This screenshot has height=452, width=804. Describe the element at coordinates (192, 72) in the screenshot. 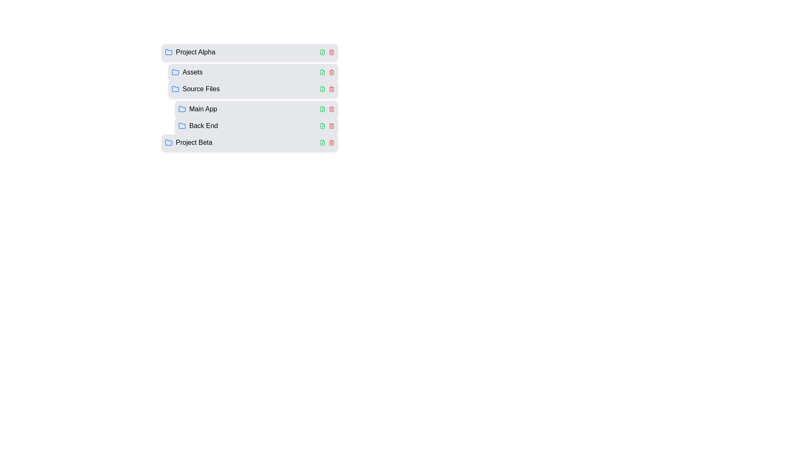

I see `the text label displaying 'Assets', which is located to the right of a blue folder icon and positioned between 'Project Alpha' and 'Source Files'` at that location.